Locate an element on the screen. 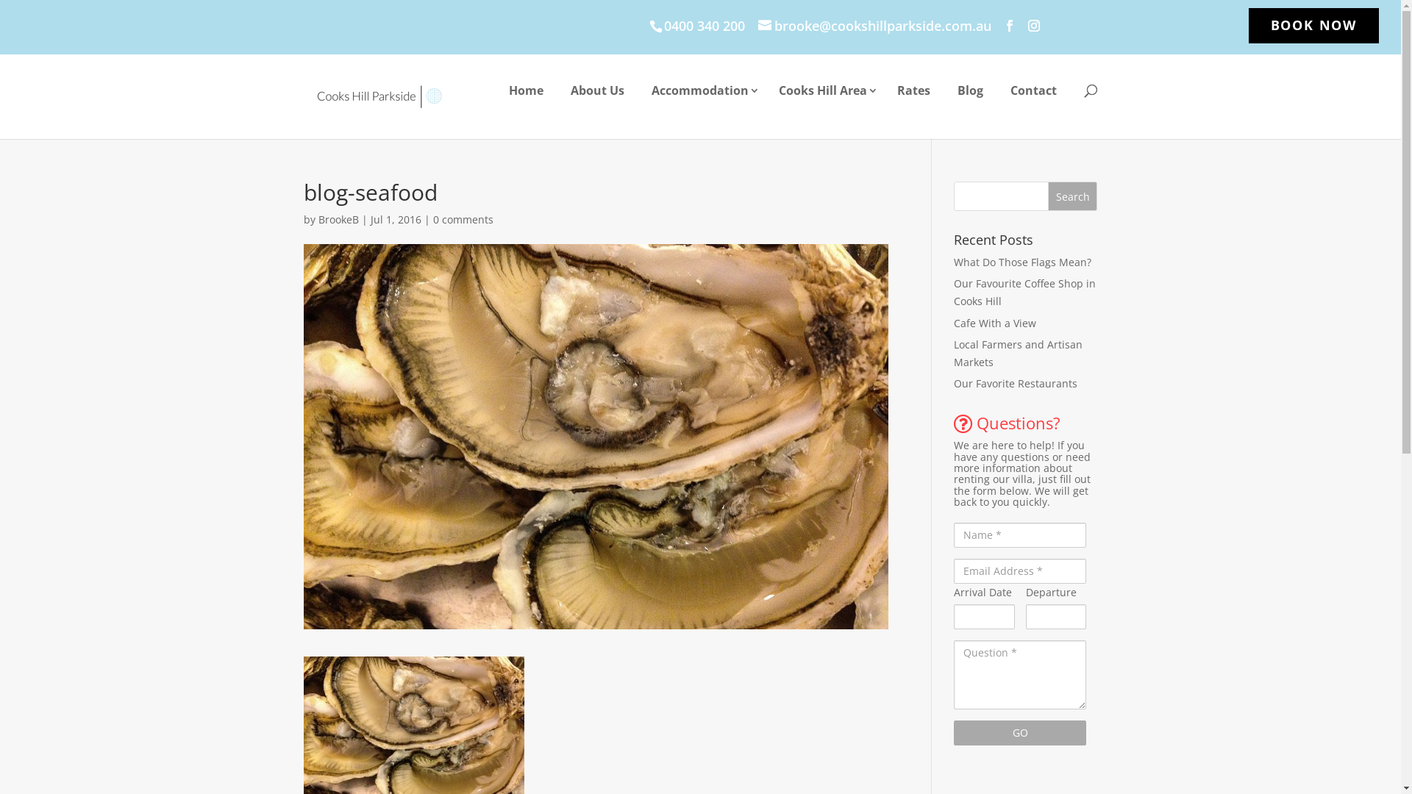 Image resolution: width=1412 pixels, height=794 pixels. 'Our Favourite Coffee Shop in Cooks Hill' is located at coordinates (1024, 292).